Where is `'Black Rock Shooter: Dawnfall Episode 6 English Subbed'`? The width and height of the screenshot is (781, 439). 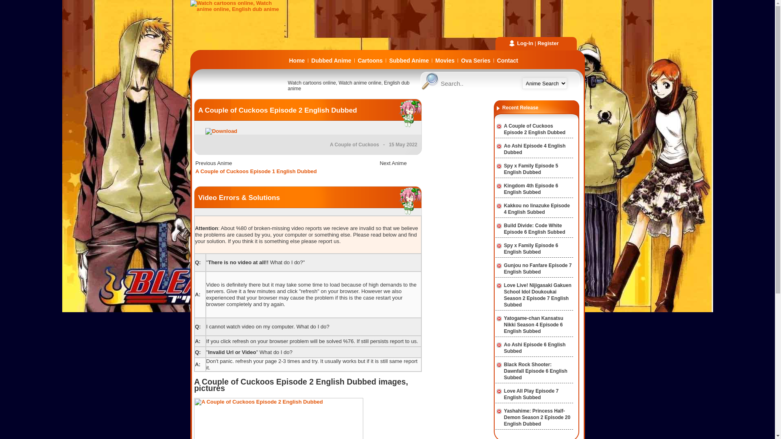
'Black Rock Shooter: Dawnfall Episode 6 English Subbed' is located at coordinates (535, 371).